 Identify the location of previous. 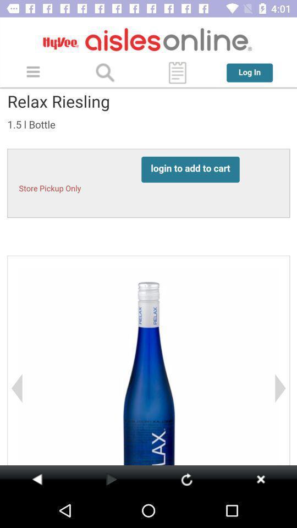
(111, 479).